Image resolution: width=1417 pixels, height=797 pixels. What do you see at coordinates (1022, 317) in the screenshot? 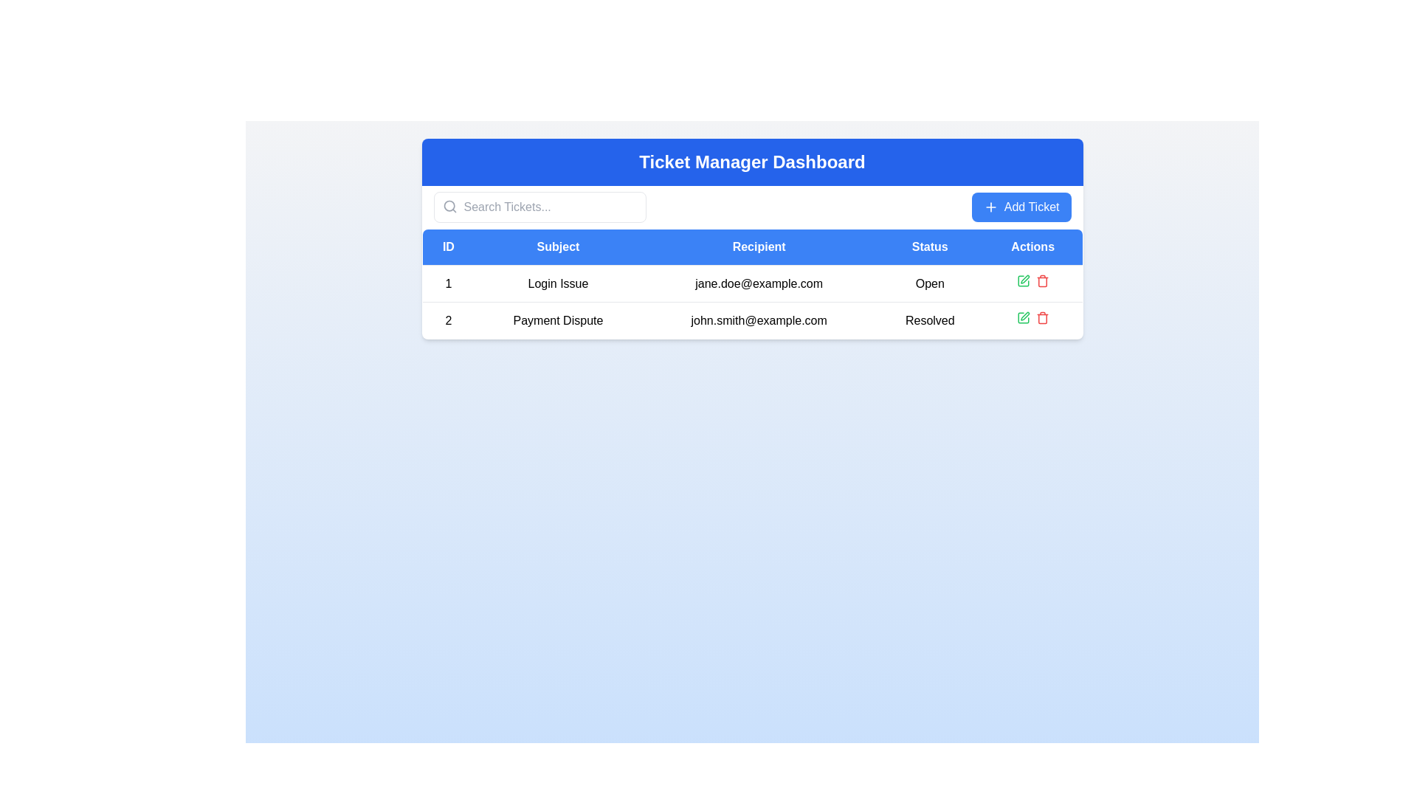
I see `the corner-shaped icon in the Actions column of the ticket system, located in the first row of the ticket table` at bounding box center [1022, 317].